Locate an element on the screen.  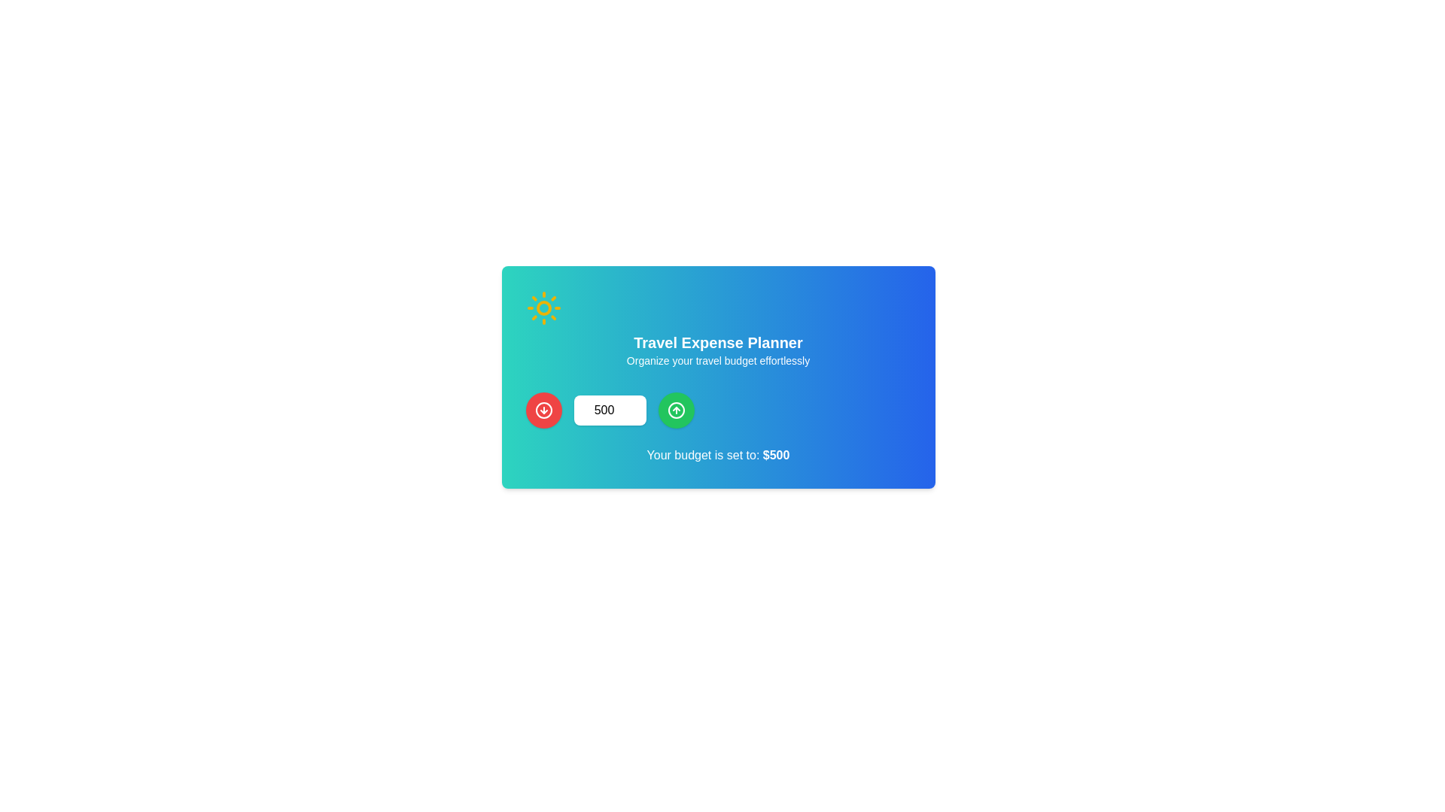
the red circular icon with a white border, part of the interactive area on the left side of the interface is located at coordinates (543, 411).